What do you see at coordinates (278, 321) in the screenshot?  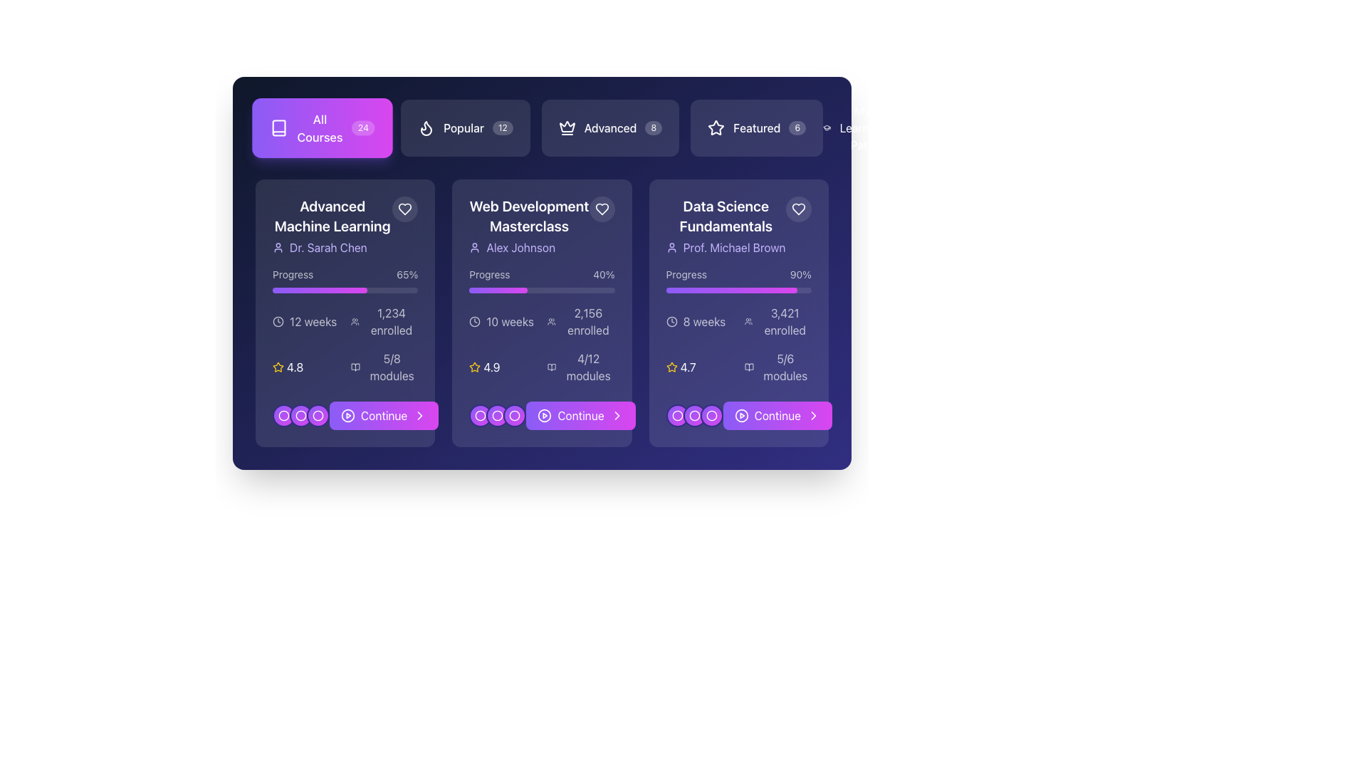 I see `the time duration icon located in the first column of the 'Advanced Machine Learning' course card, which is positioned to the left of the '12 weeks' text label` at bounding box center [278, 321].